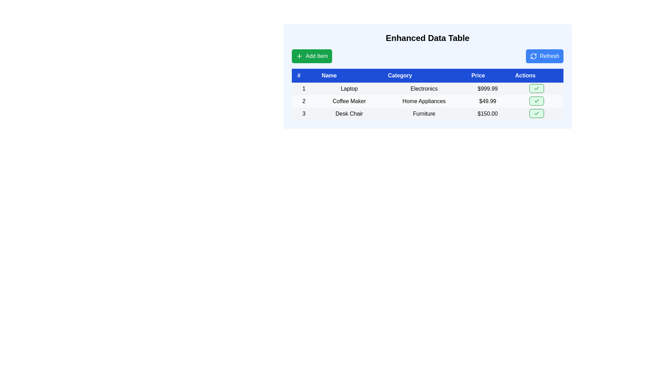  Describe the element at coordinates (487, 88) in the screenshot. I see `the text component displaying the monetary value '$999.99' located in the 'Price' column of the first row in the data table` at that location.